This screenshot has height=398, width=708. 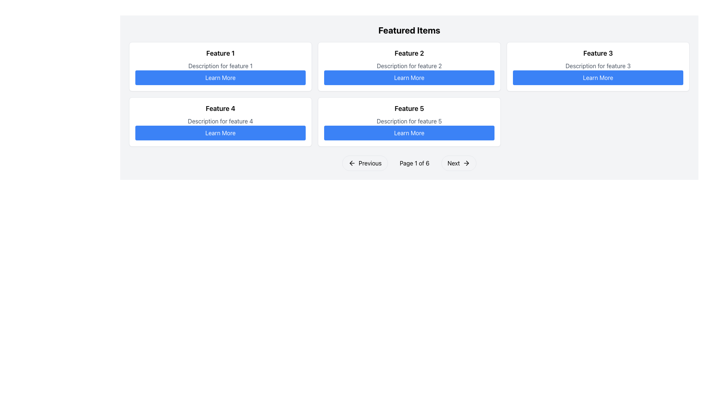 What do you see at coordinates (414, 163) in the screenshot?
I see `the text element displaying 'Page 1 of 6' that is centered in the footer navigation bar` at bounding box center [414, 163].